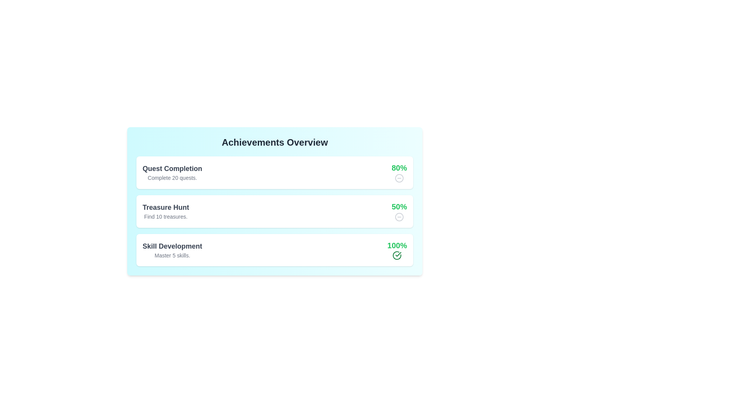 The height and width of the screenshot is (415, 738). What do you see at coordinates (399, 167) in the screenshot?
I see `the progress percentage text label located in the top-right corner of the 'Quest Completion' section in the 'Achievements Overview' panel, which displays the user's completion rate for the associated task` at bounding box center [399, 167].